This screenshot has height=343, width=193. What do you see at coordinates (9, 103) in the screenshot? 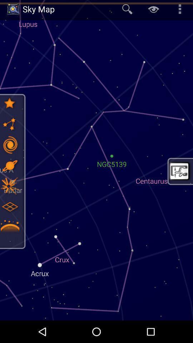
I see `the star icon` at bounding box center [9, 103].